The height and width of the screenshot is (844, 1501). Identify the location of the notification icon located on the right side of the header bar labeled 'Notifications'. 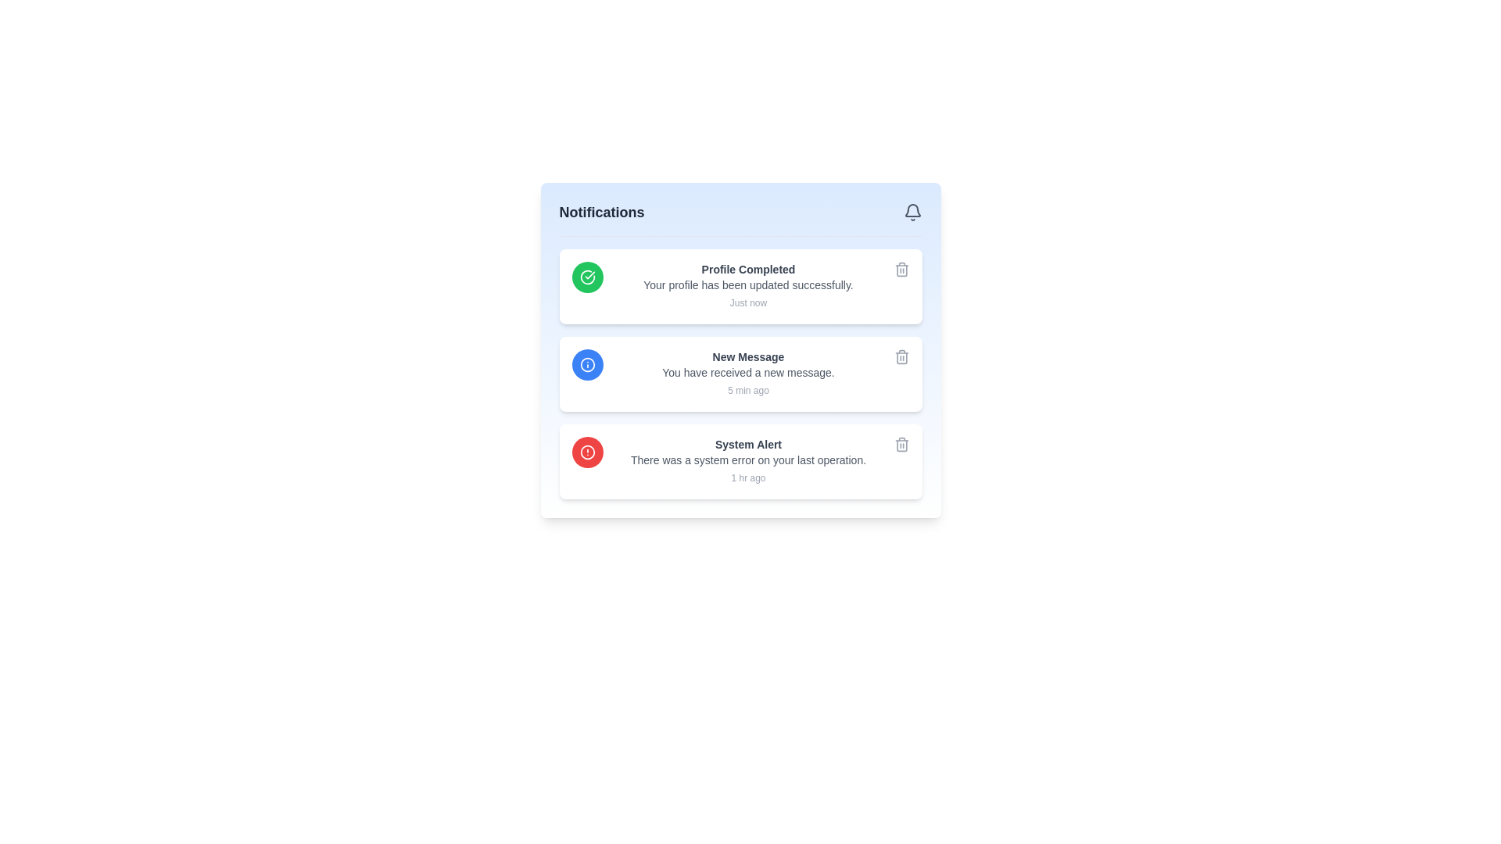
(912, 213).